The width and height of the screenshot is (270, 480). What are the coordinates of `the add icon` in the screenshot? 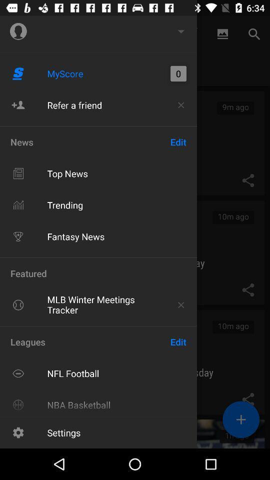 It's located at (240, 419).